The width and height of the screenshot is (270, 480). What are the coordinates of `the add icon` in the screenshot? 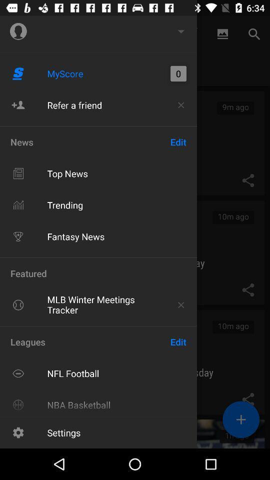 It's located at (240, 419).